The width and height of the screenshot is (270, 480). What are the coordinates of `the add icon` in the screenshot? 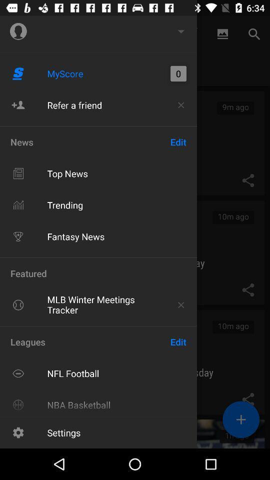 It's located at (240, 419).